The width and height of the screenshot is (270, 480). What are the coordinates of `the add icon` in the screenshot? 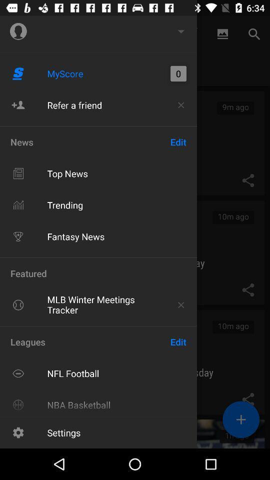 It's located at (240, 419).